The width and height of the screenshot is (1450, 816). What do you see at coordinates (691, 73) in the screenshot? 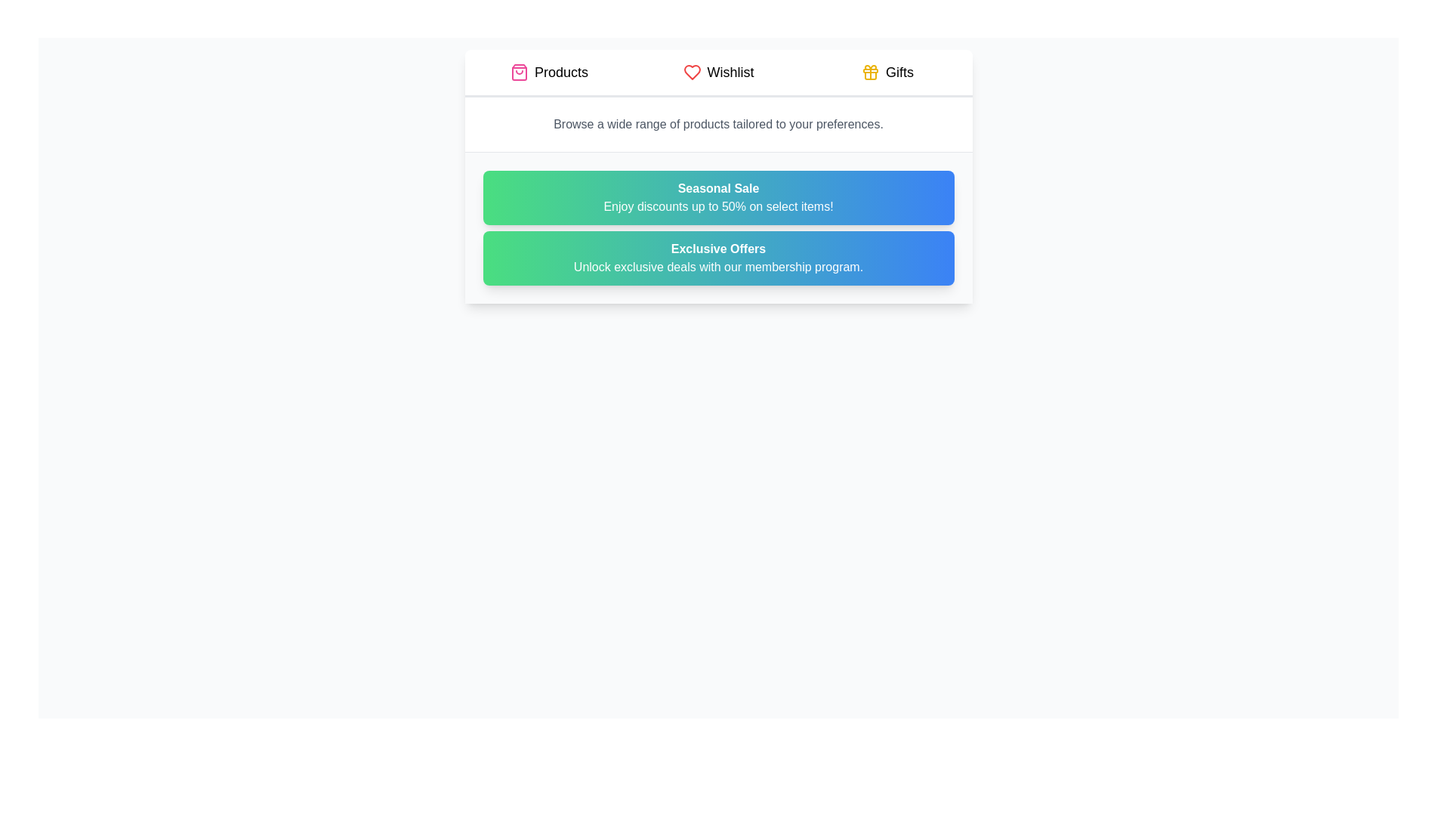
I see `the decorative icon for the Wishlist tab` at bounding box center [691, 73].